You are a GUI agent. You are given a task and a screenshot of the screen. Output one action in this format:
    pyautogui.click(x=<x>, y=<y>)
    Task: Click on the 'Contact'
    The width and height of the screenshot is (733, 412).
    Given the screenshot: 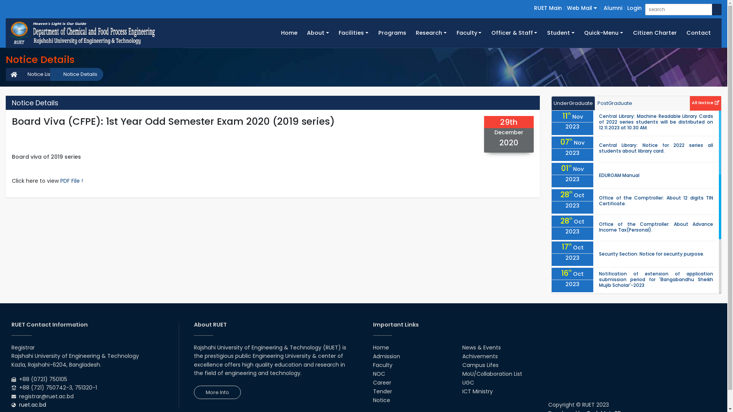 What is the action you would take?
    pyautogui.click(x=698, y=32)
    